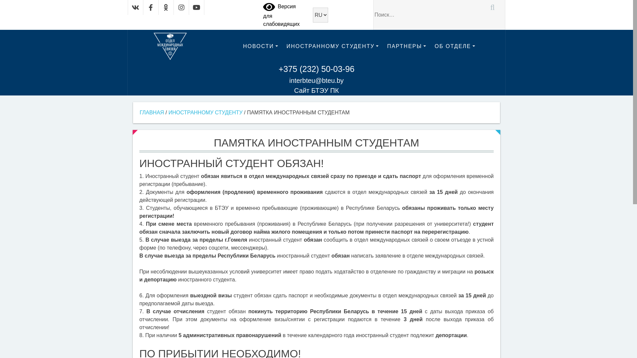 The height and width of the screenshot is (358, 637). I want to click on 'interbteu@bteu.by', so click(316, 80).